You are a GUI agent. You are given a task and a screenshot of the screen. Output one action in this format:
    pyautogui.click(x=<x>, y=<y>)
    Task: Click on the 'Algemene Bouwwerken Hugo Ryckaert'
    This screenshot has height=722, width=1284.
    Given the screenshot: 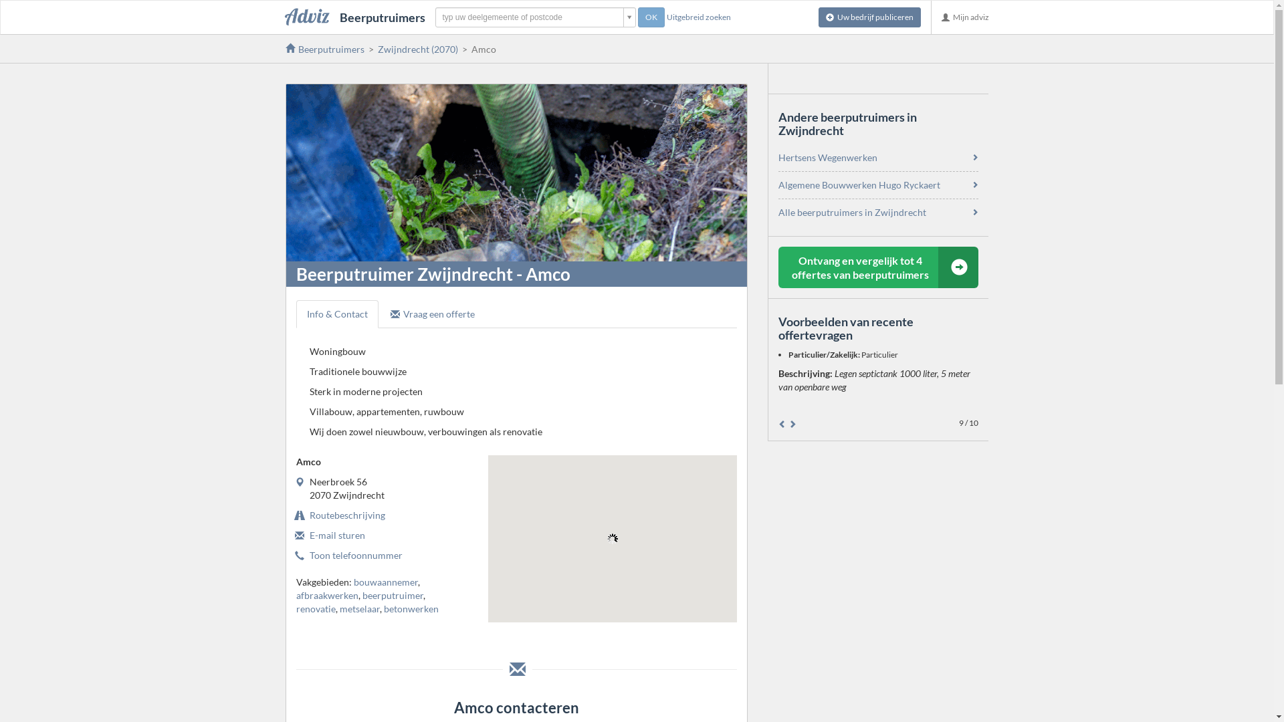 What is the action you would take?
    pyautogui.click(x=859, y=185)
    